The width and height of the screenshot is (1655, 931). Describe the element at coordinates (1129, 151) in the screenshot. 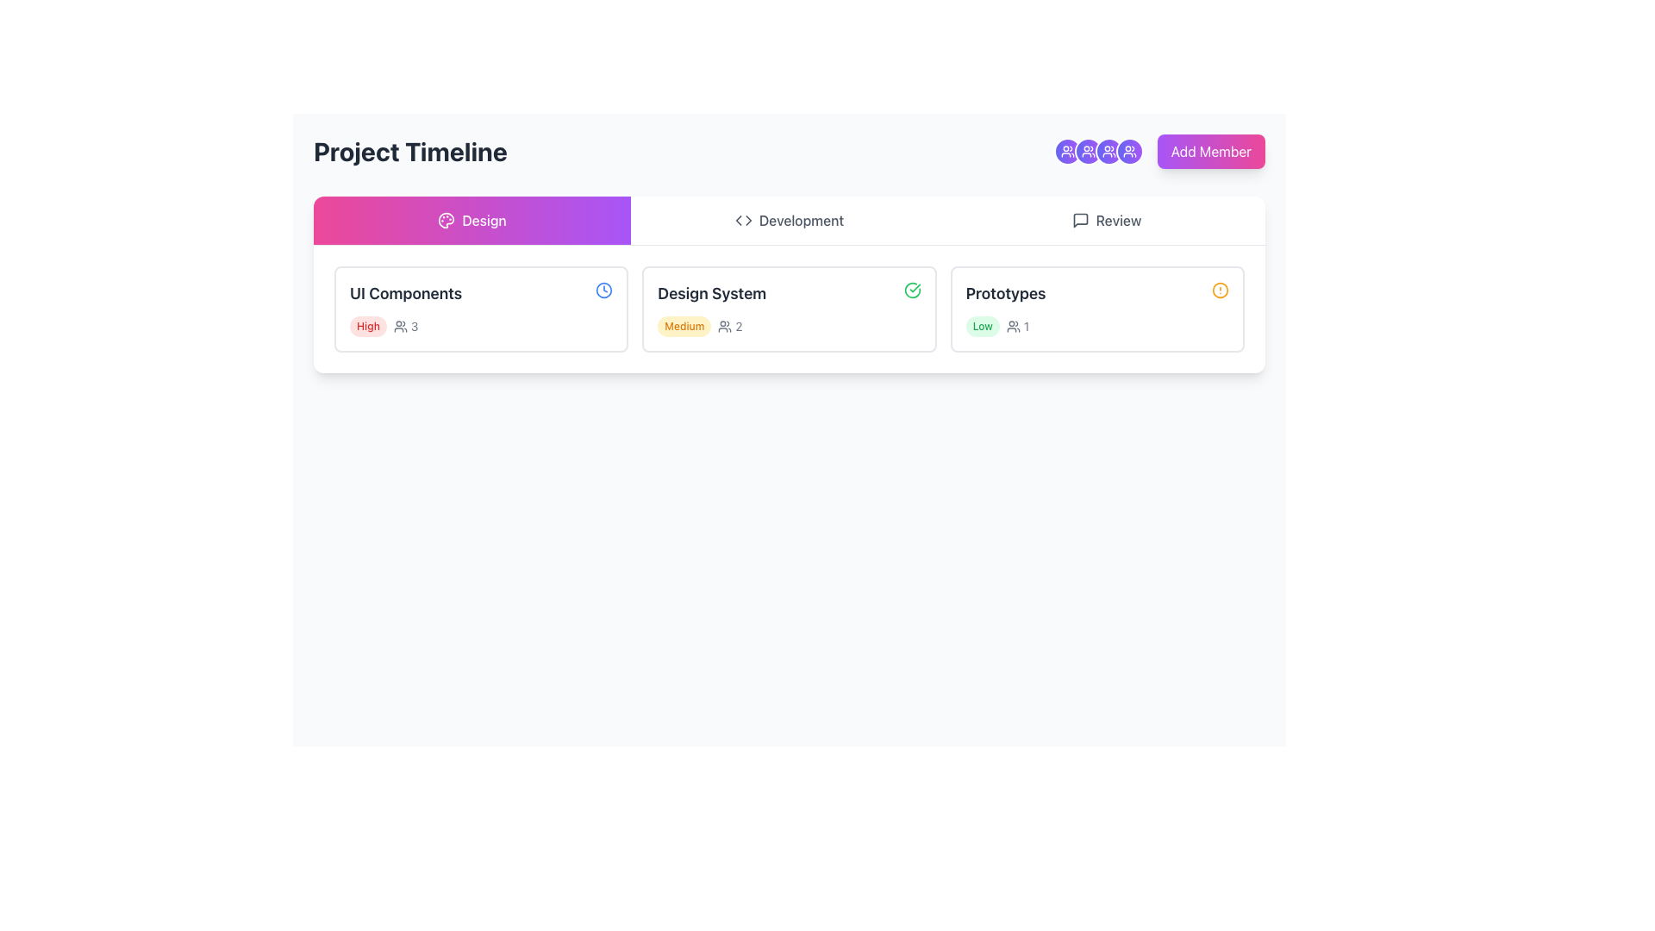

I see `circular icon featuring a gradient purple background and a white user group silhouette, which is the fourth in a horizontal sequence of user-related icons` at that location.